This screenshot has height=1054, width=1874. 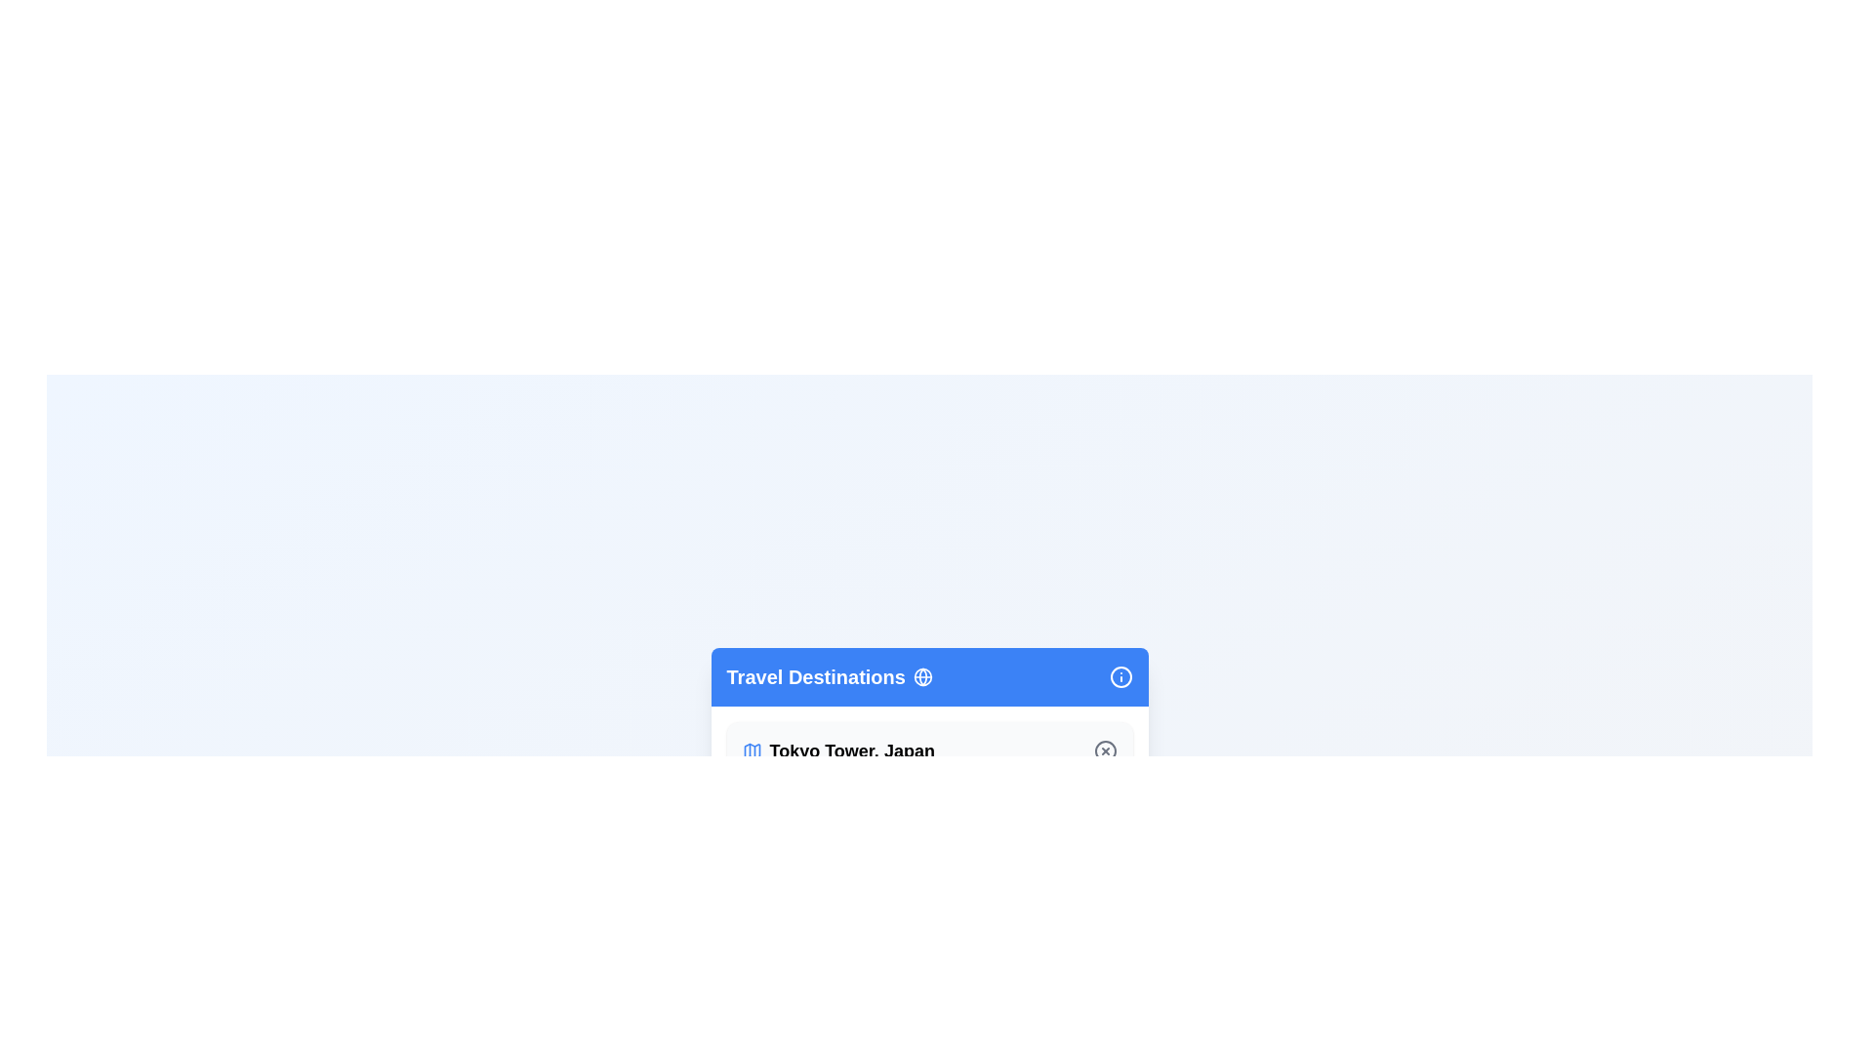 What do you see at coordinates (852, 750) in the screenshot?
I see `static text label that displays the name 'Tokyo Tower, Japan', which is positioned to the right of a blue location icon and to the left of an interactive button` at bounding box center [852, 750].